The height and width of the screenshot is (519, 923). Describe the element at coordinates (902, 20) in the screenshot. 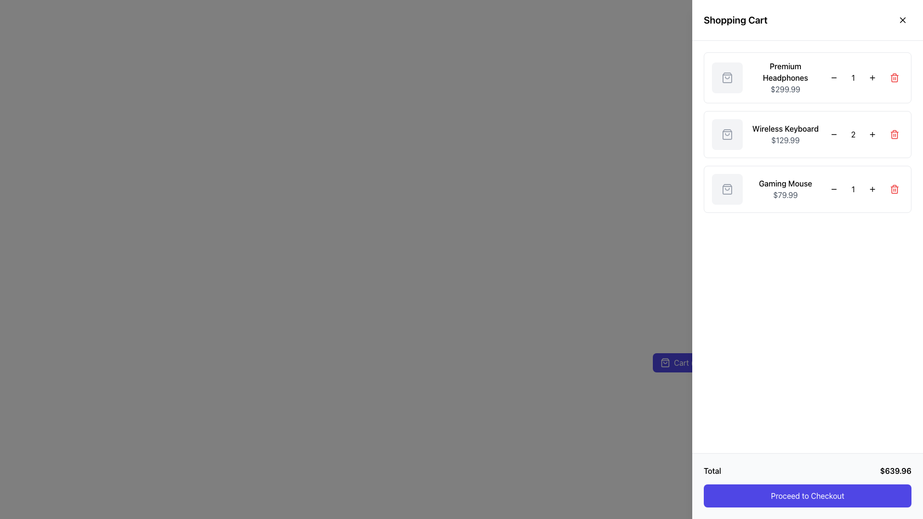

I see `the compact 'X' icon button located at the top-right corner of the shopping cart panel` at that location.